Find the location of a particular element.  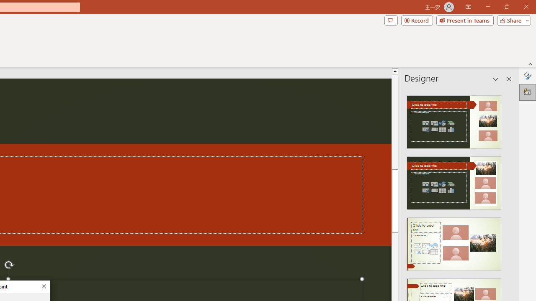

'Recommended Design: Design Idea' is located at coordinates (454, 120).